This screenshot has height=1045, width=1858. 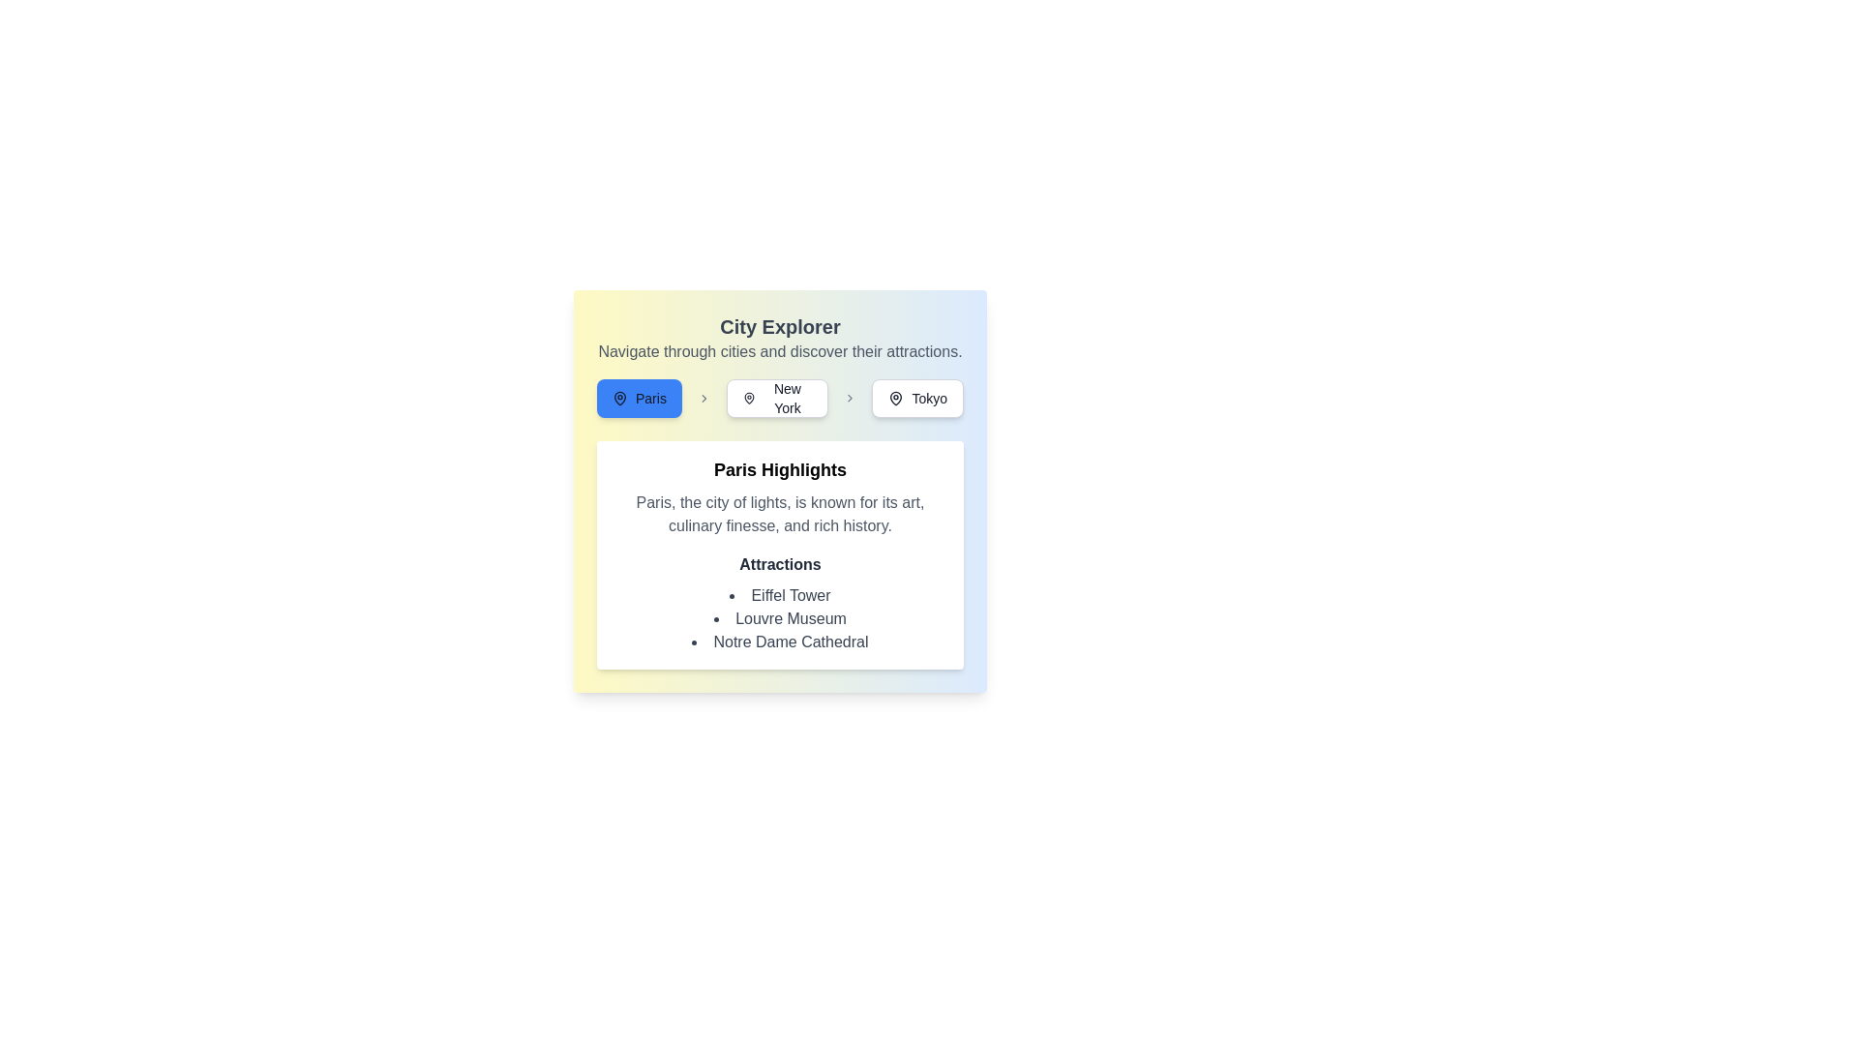 What do you see at coordinates (748, 398) in the screenshot?
I see `the New York navigation button, which features a pin-shaped icon on the left and the label 'New York' on the right` at bounding box center [748, 398].